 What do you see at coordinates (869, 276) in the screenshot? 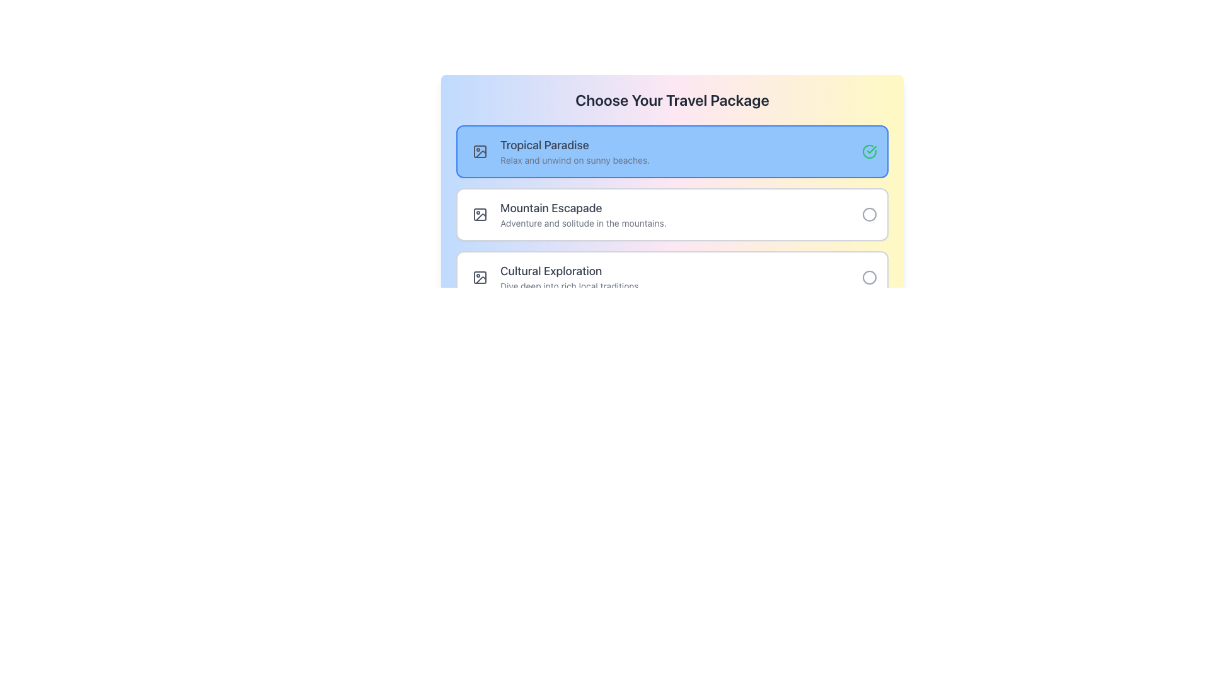
I see `the radio button icon for the 'Cultural Exploration' travel package option, located at the far right of the third list item` at bounding box center [869, 276].